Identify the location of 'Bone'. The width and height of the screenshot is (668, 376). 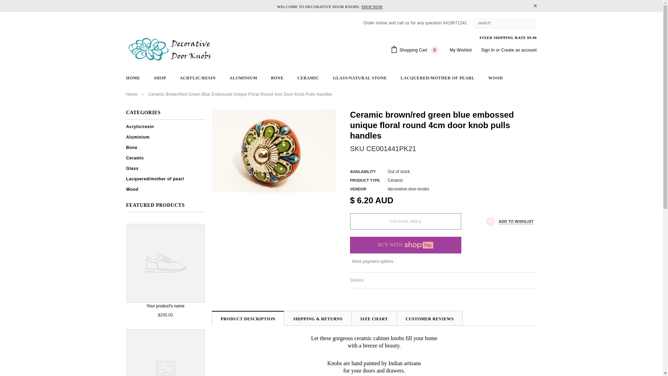
(132, 147).